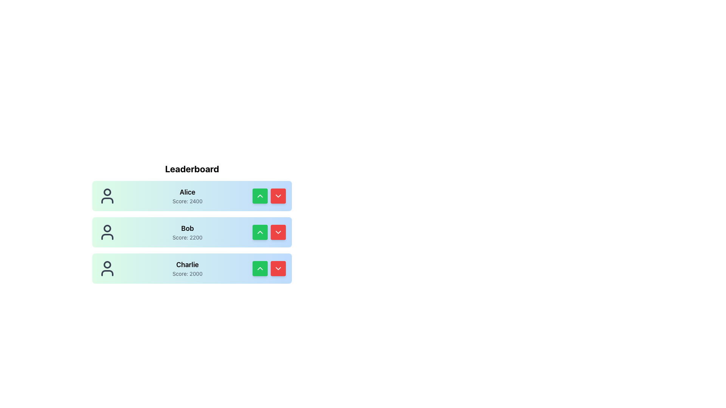  Describe the element at coordinates (192, 168) in the screenshot. I see `the header text of the leaderboard section, which is centrally located above the list of participants` at that location.